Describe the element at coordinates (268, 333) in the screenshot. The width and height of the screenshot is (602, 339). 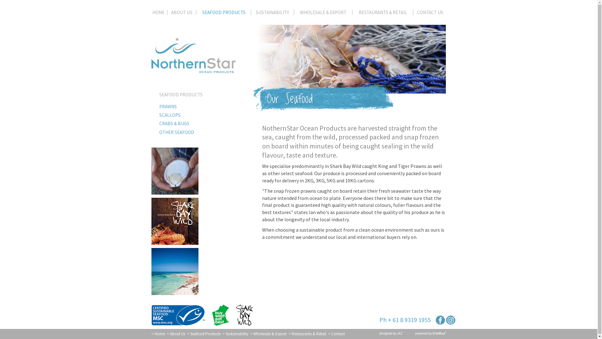
I see `'> Wholesale & Export'` at that location.